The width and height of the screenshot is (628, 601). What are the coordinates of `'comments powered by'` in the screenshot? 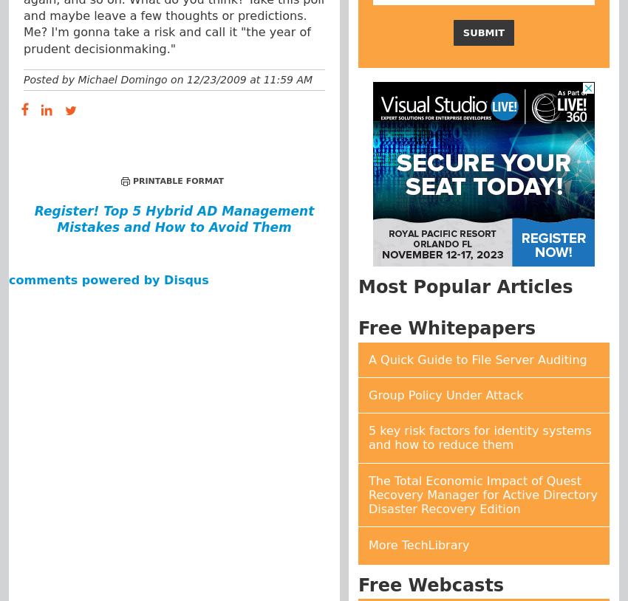 It's located at (85, 279).